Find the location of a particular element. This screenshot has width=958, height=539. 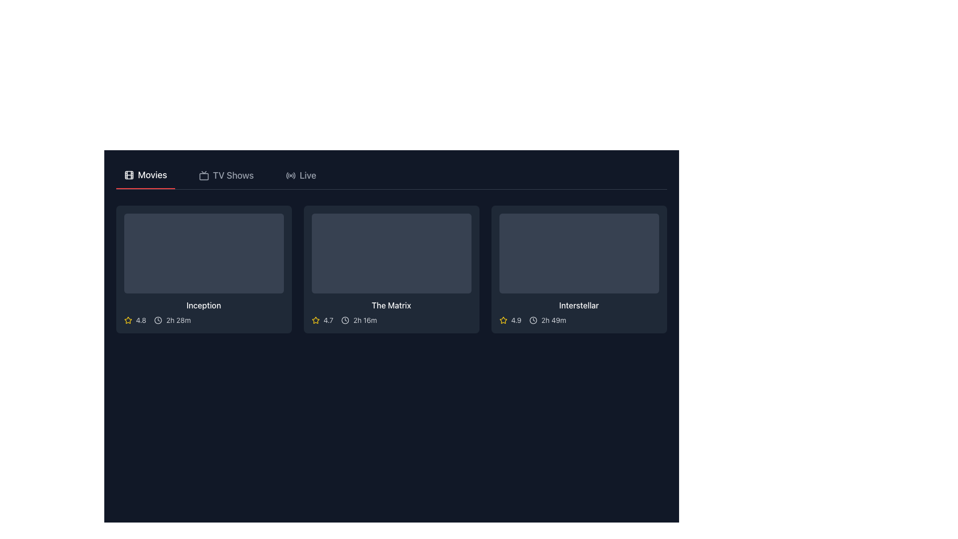

the informational text label that displays the duration of the movie, located at the bottom section of the first movie card, to the right of the clock icon is located at coordinates (178, 320).